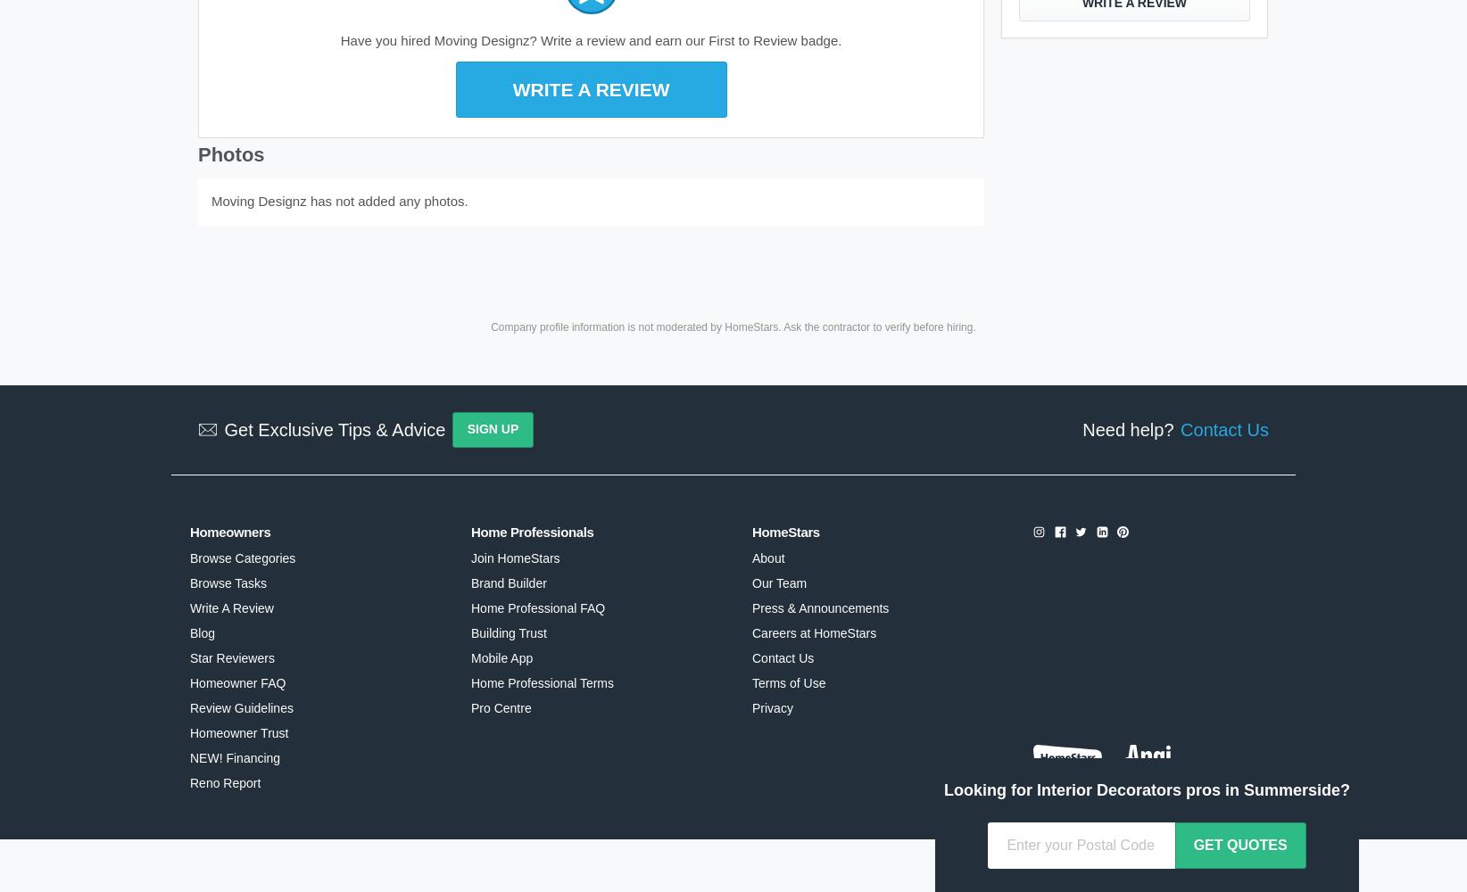 This screenshot has width=1467, height=892. Describe the element at coordinates (228, 582) in the screenshot. I see `'Browse Tasks'` at that location.